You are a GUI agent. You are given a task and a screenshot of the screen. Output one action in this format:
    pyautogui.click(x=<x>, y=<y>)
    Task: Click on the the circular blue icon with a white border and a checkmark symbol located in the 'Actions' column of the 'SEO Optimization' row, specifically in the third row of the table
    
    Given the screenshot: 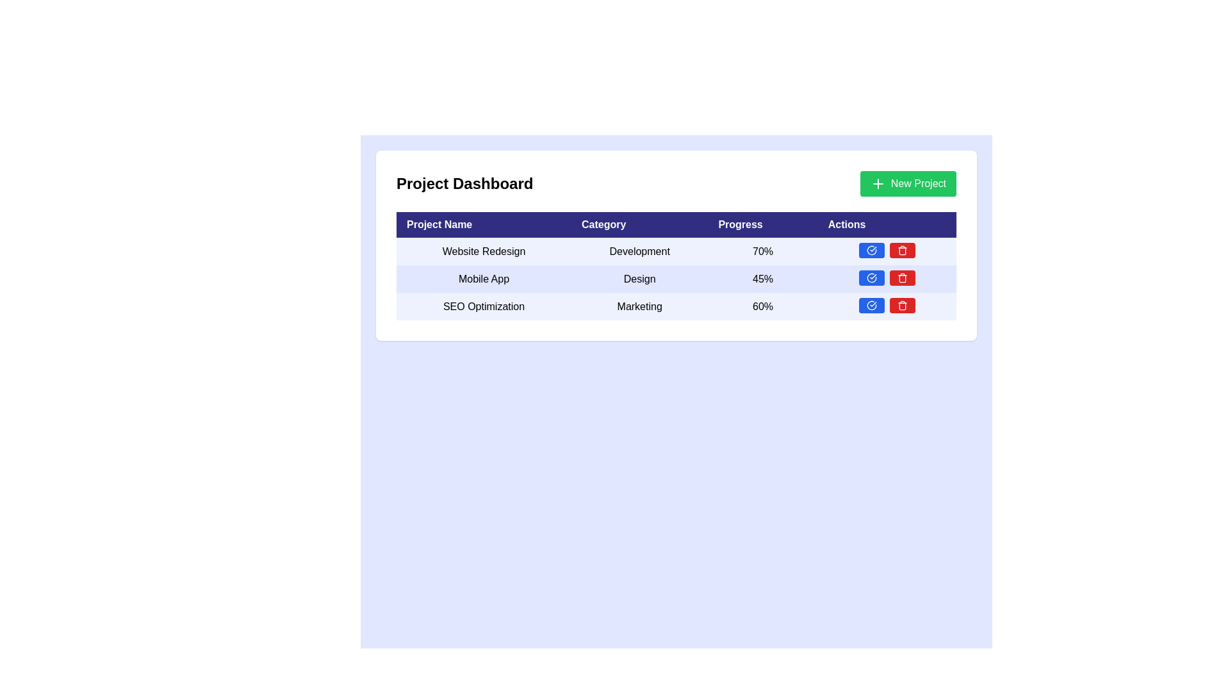 What is the action you would take?
    pyautogui.click(x=871, y=306)
    